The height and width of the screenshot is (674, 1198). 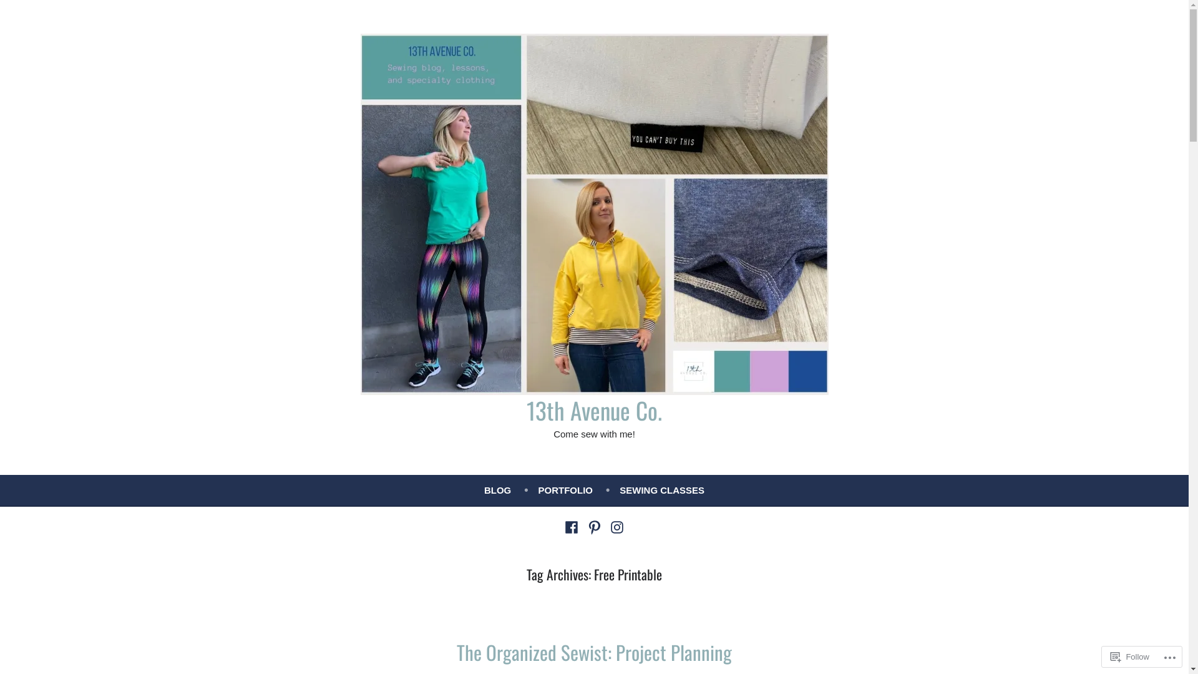 I want to click on '13th Avenue Co.', so click(x=593, y=409).